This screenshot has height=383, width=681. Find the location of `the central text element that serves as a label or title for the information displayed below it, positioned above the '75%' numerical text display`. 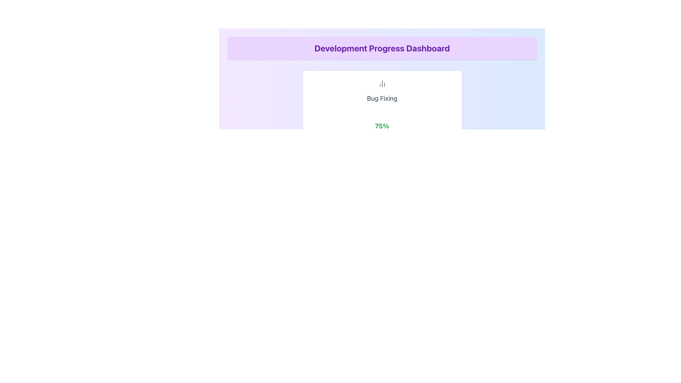

the central text element that serves as a label or title for the information displayed below it, positioned above the '75%' numerical text display is located at coordinates (382, 98).